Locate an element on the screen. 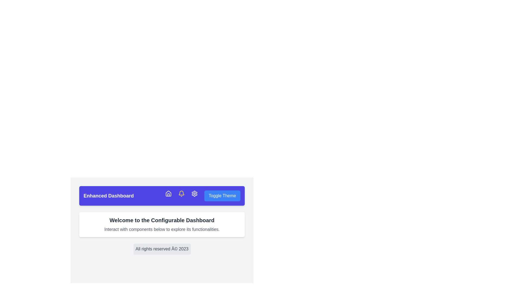  the house icon in the navigation bar is located at coordinates (168, 193).